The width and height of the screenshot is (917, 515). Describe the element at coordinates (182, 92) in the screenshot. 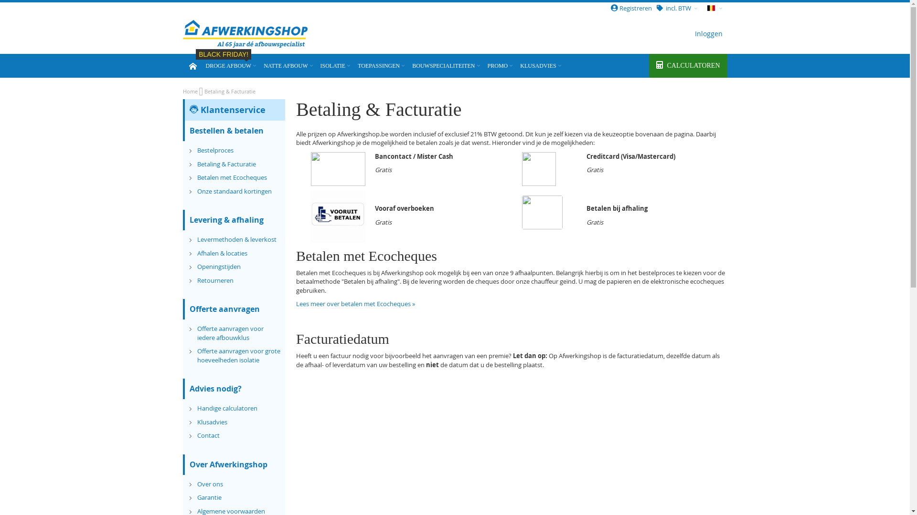

I see `'Home'` at that location.